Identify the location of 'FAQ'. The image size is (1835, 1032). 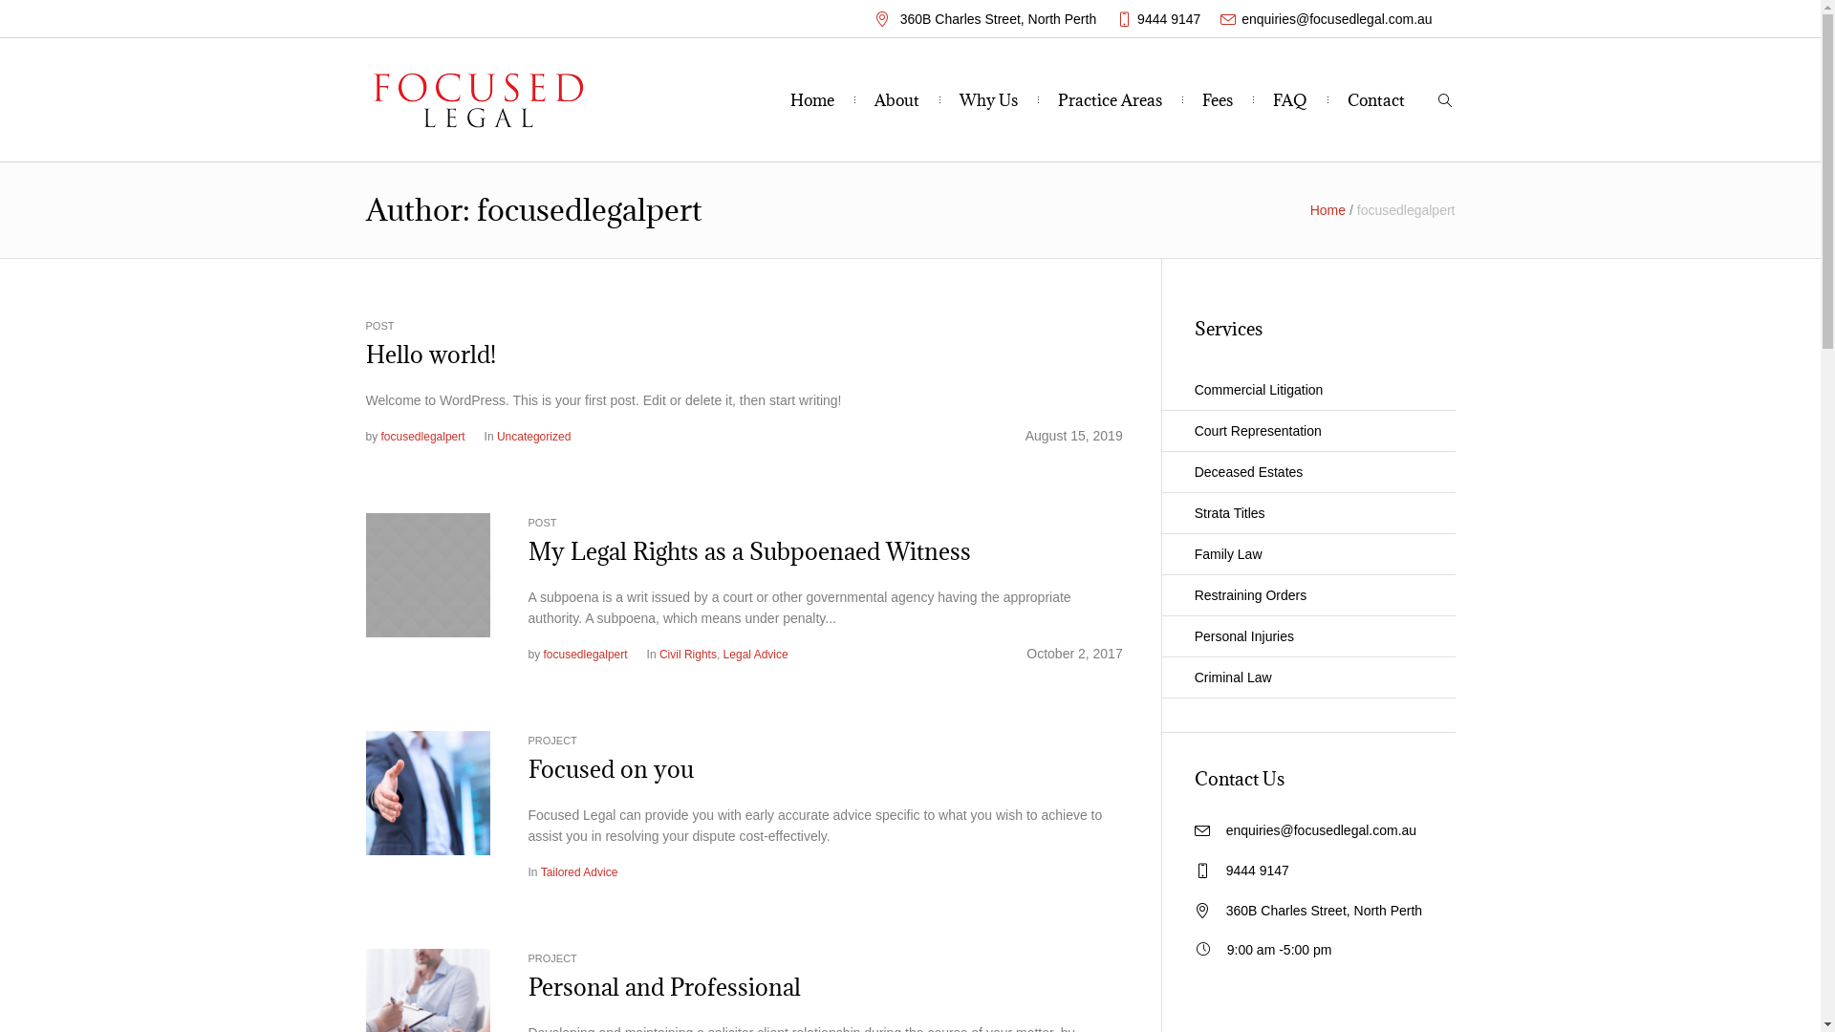
(1289, 99).